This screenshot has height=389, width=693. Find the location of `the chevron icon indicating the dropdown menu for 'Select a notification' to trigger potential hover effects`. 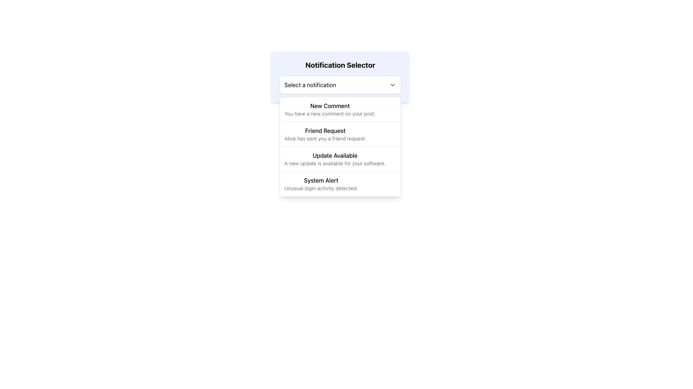

the chevron icon indicating the dropdown menu for 'Select a notification' to trigger potential hover effects is located at coordinates (392, 84).